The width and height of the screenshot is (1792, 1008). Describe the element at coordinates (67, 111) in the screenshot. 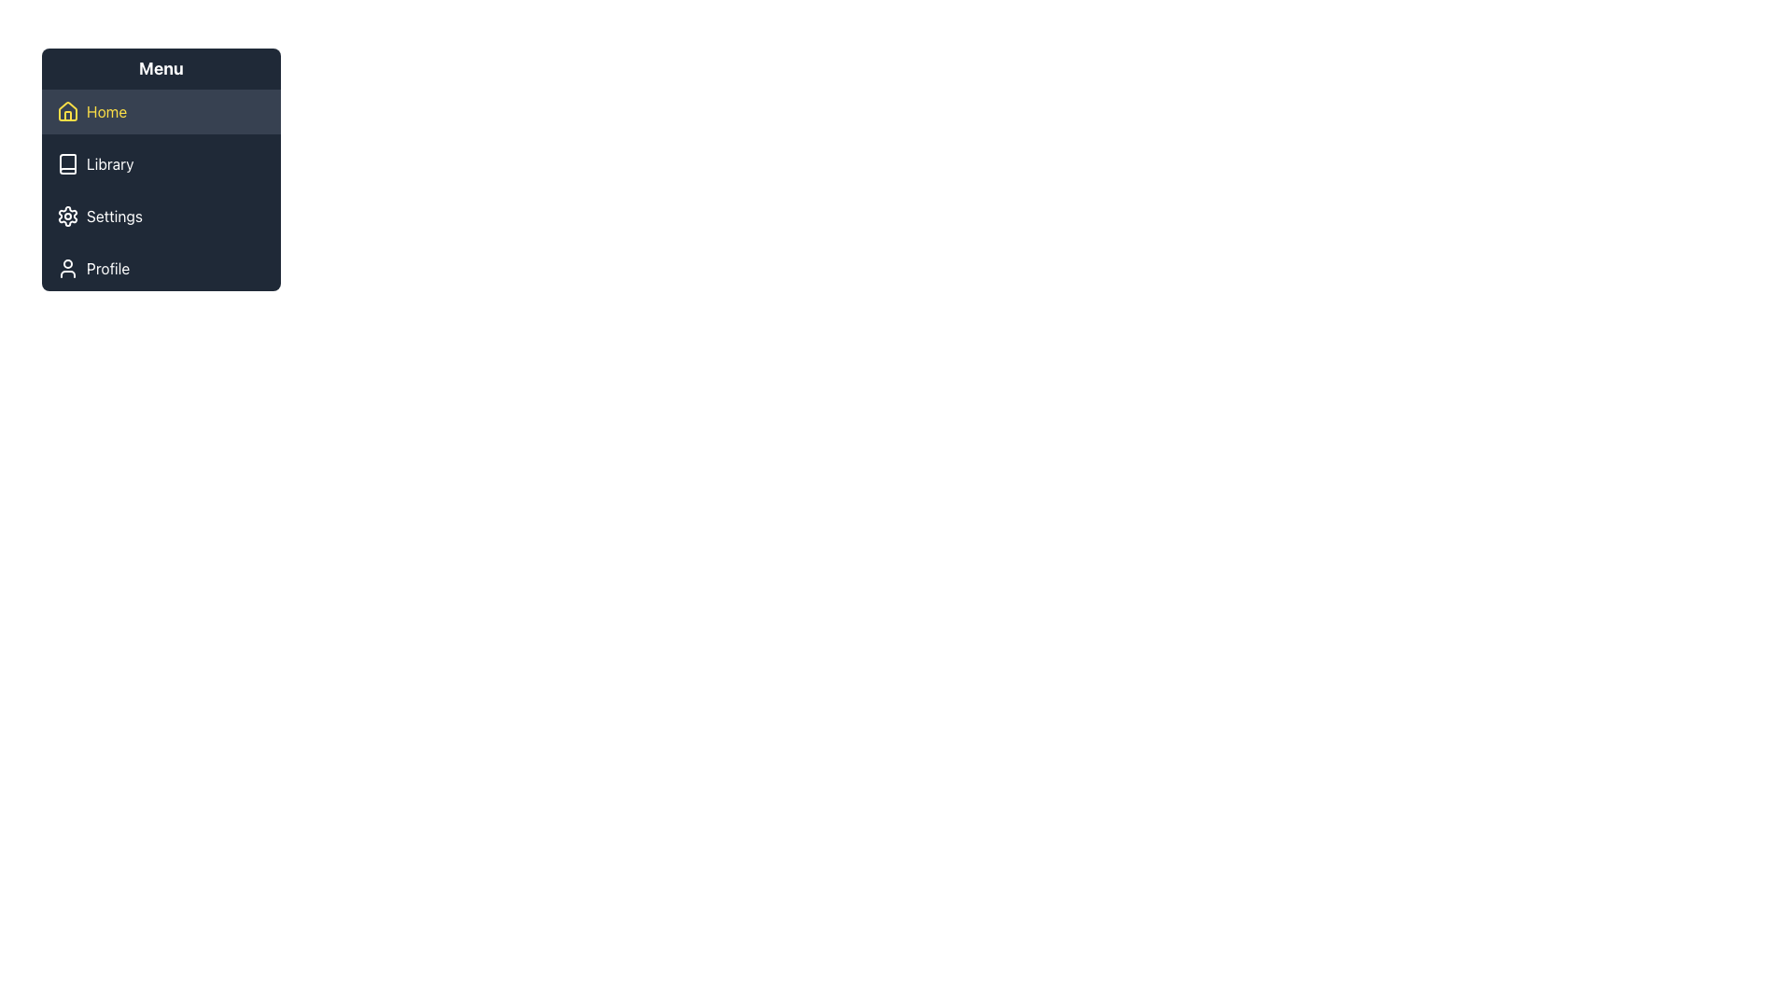

I see `attributes of the 'Home' menu icon located at the left of the 'Home' text in the vertical sidebar menu` at that location.